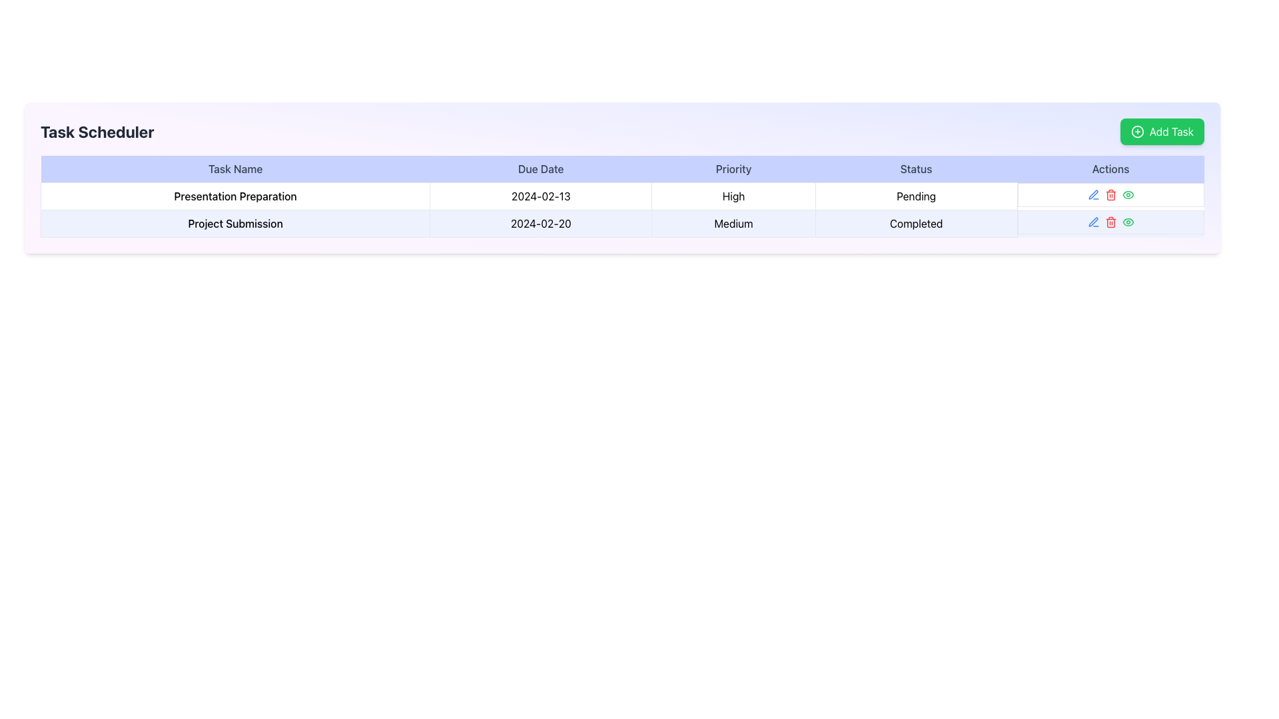 The image size is (1279, 719). What do you see at coordinates (1110, 194) in the screenshot?
I see `the 'Delete' button in the 'Actions' column for the task 'Presentation Preparation' to possibly see a tooltip` at bounding box center [1110, 194].